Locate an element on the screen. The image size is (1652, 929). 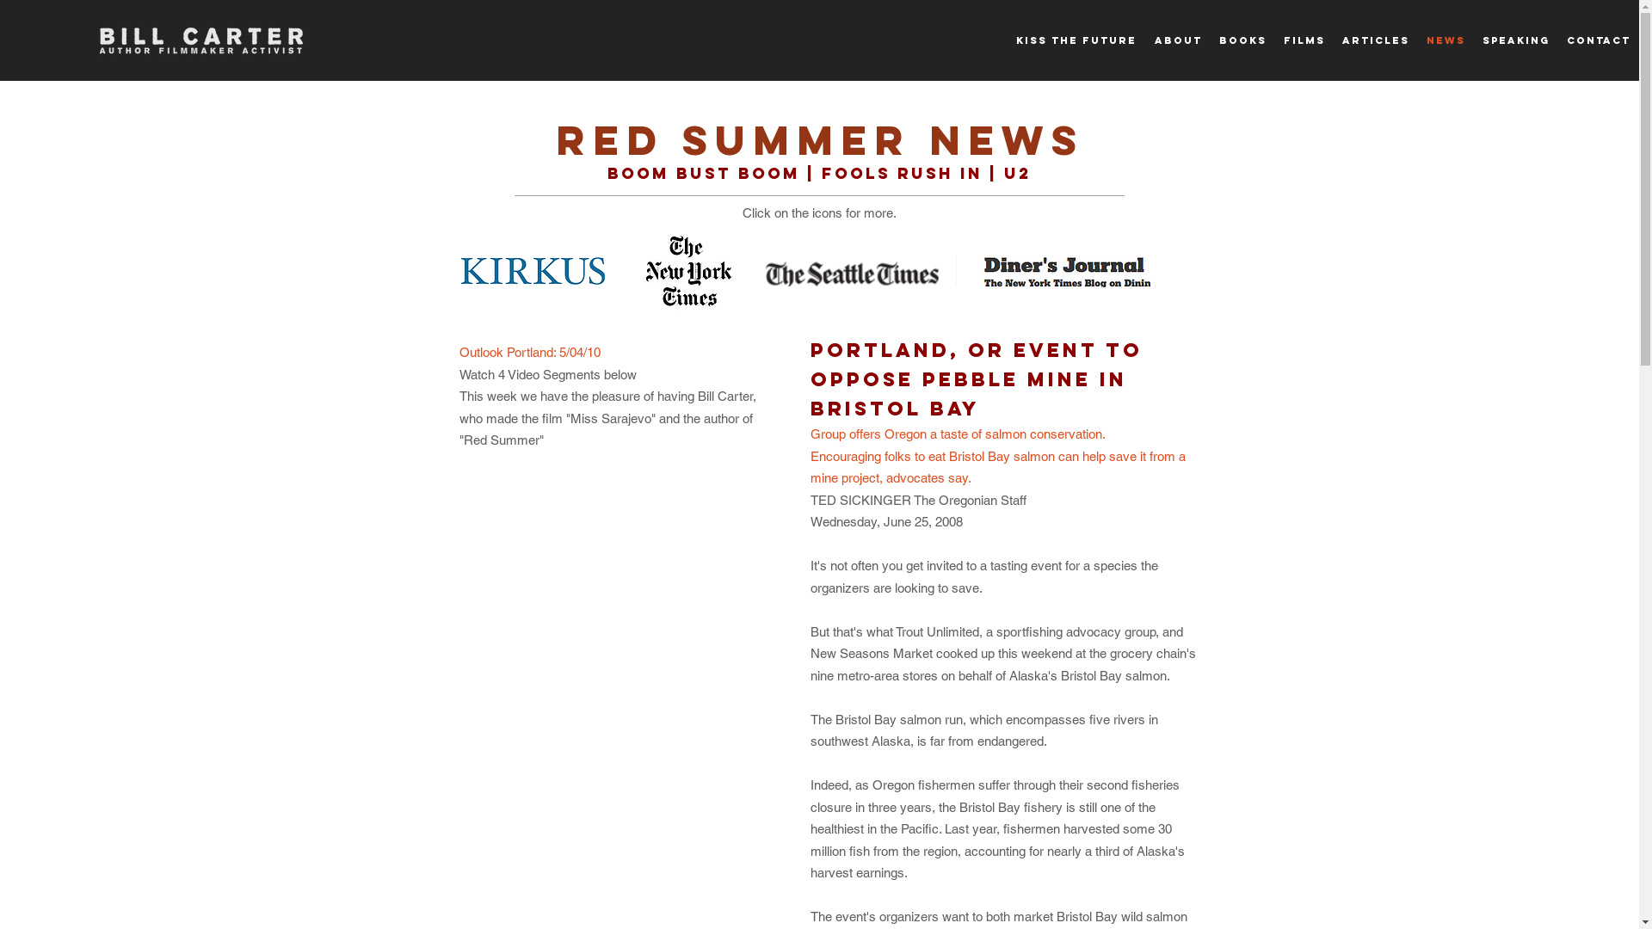
'ARTICLES' is located at coordinates (1374, 39).